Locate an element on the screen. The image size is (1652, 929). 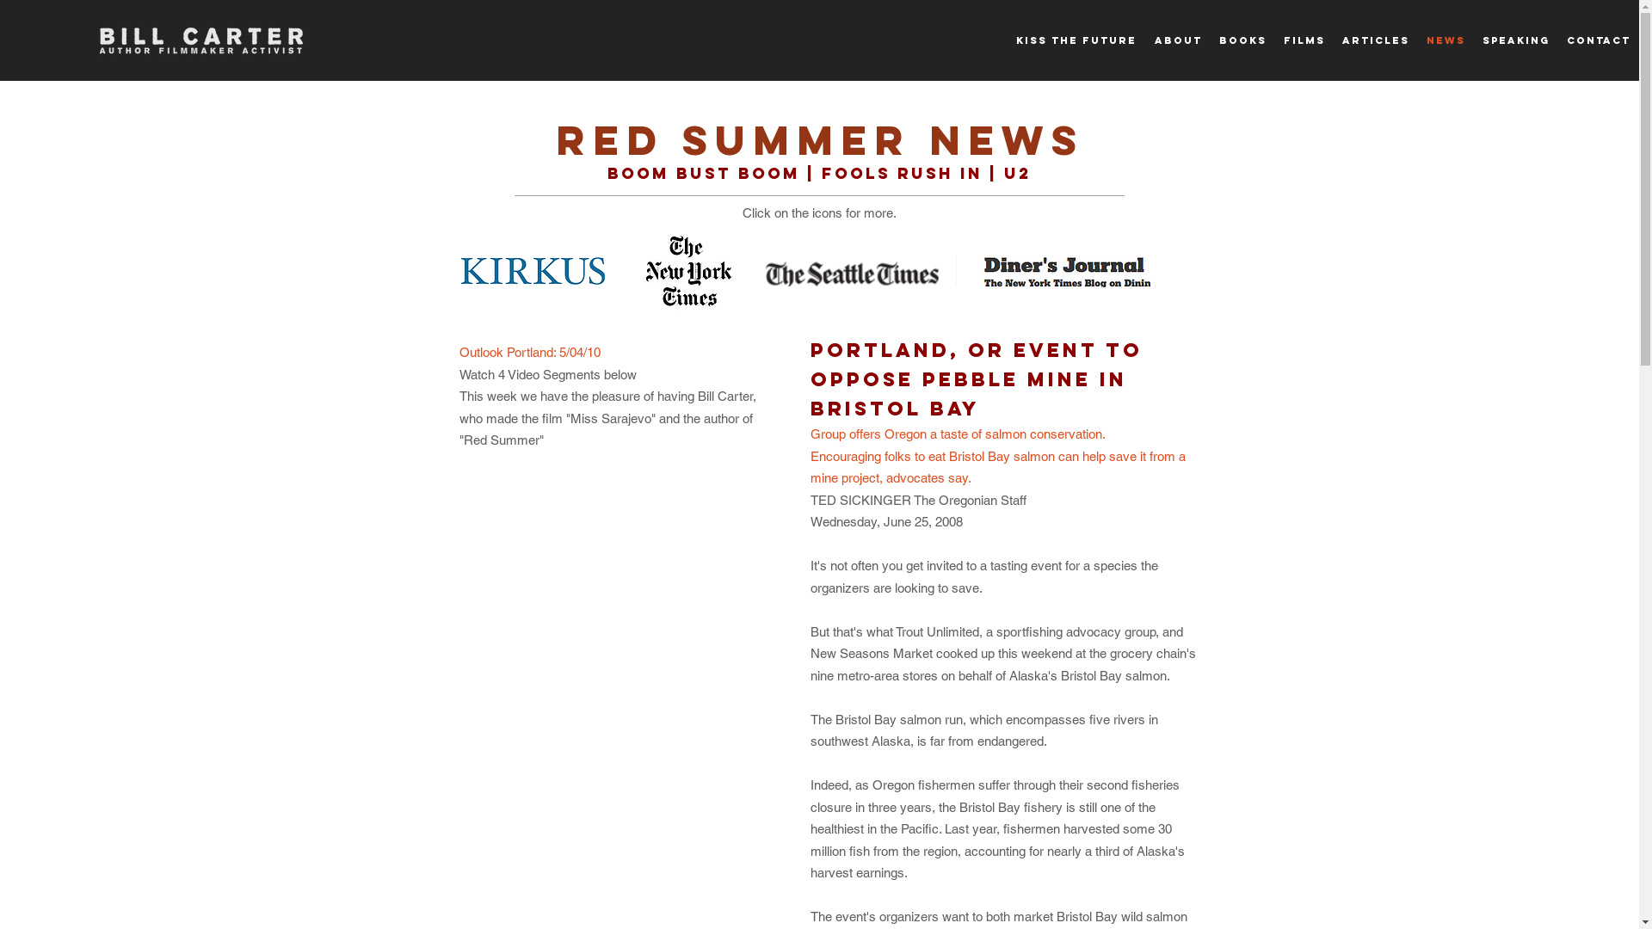
'ARTICLES' is located at coordinates (1374, 39).